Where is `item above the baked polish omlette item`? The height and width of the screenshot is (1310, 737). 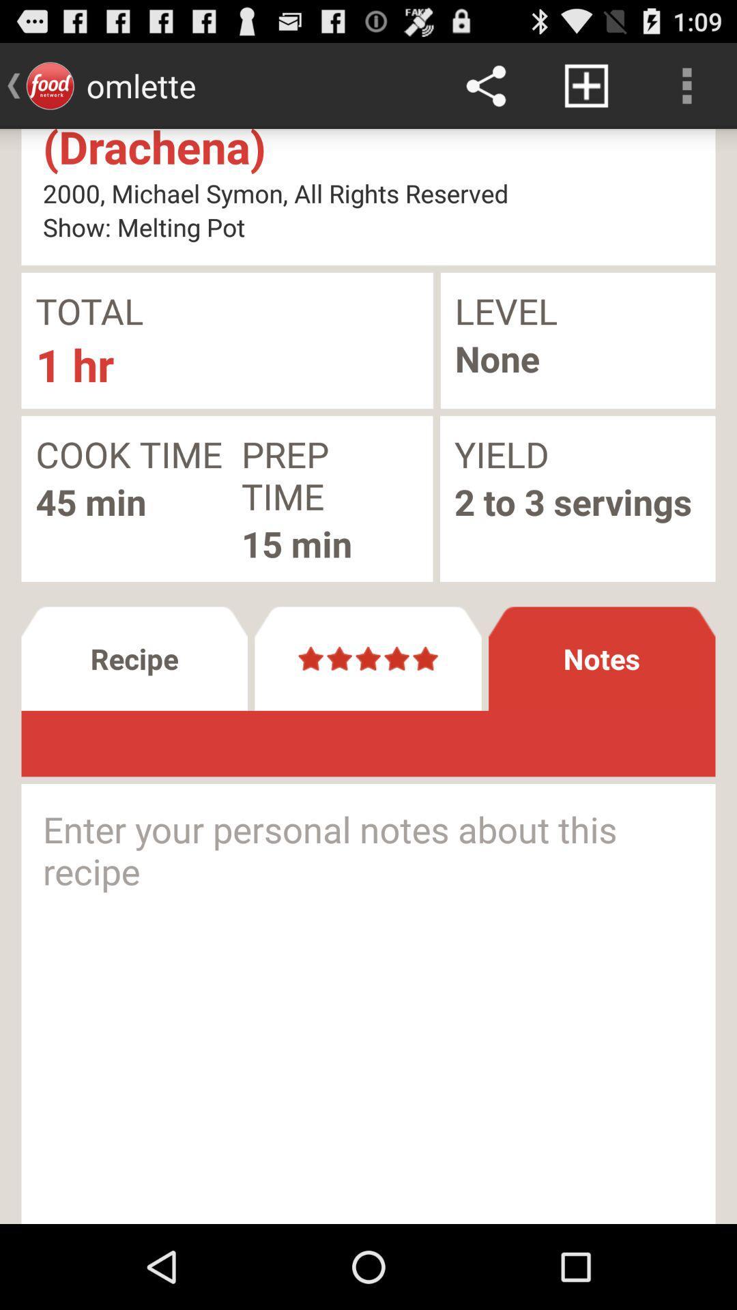
item above the baked polish omlette item is located at coordinates (687, 85).